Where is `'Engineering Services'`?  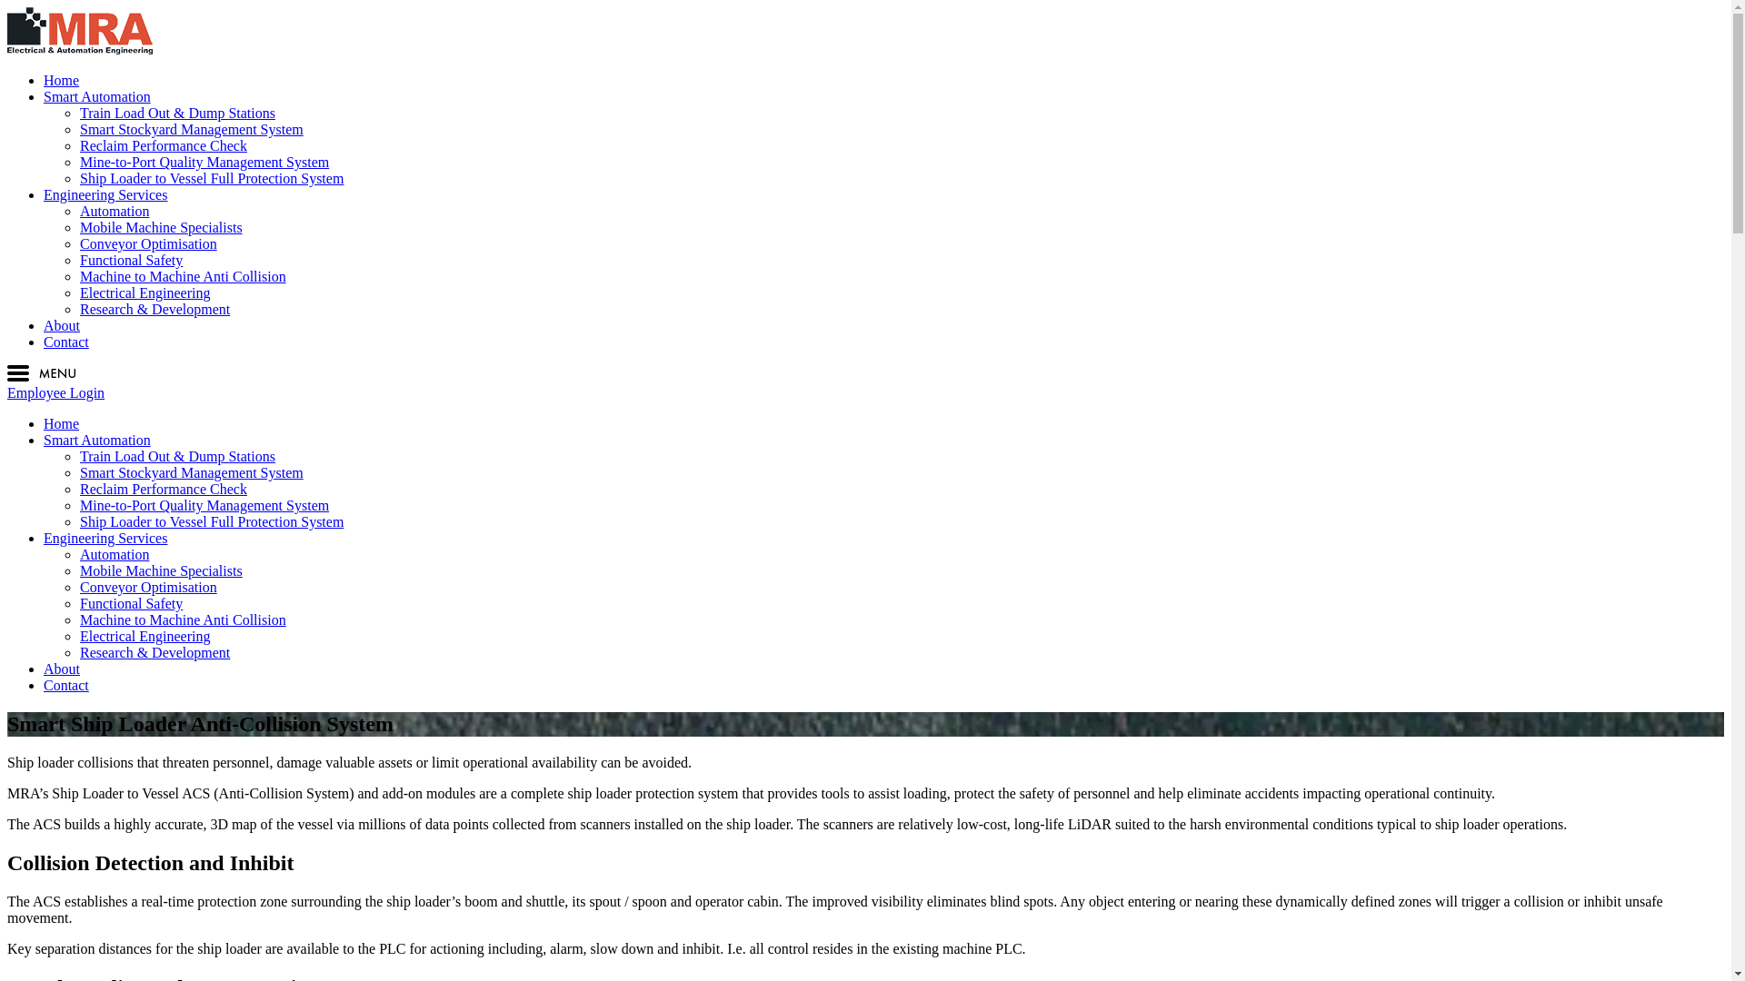
'Engineering Services' is located at coordinates (104, 537).